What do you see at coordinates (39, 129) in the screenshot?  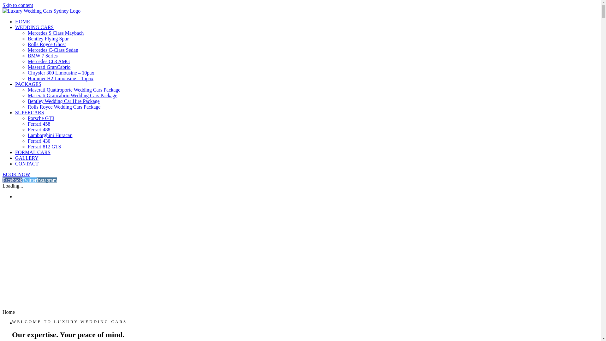 I see `'Ferrari 488'` at bounding box center [39, 129].